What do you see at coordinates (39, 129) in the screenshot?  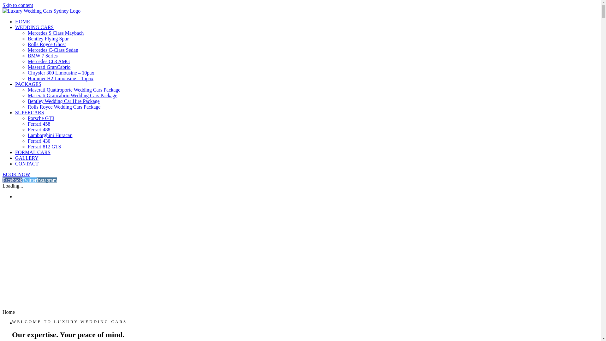 I see `'Ferrari 488'` at bounding box center [39, 129].